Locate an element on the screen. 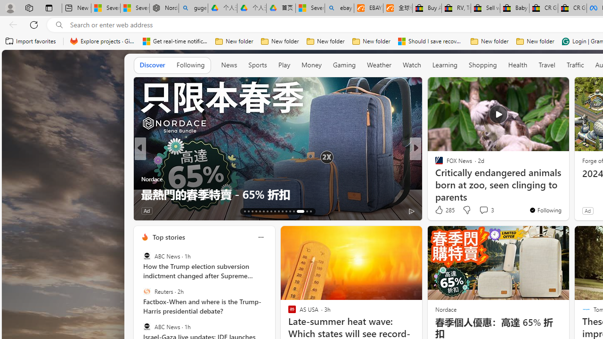  'Tab actions menu' is located at coordinates (49, 8).